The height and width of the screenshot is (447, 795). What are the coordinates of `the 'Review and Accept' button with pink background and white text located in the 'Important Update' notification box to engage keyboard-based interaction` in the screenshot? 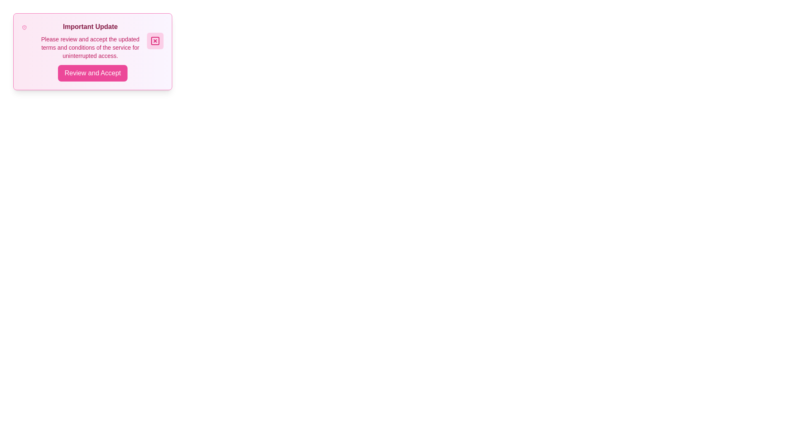 It's located at (93, 73).